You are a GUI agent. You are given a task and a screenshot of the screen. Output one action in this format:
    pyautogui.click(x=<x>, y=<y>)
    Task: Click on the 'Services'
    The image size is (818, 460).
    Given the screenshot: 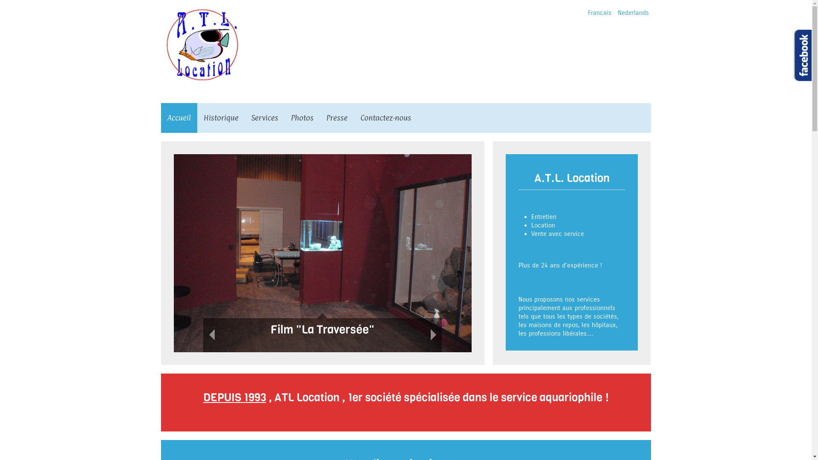 What is the action you would take?
    pyautogui.click(x=264, y=118)
    